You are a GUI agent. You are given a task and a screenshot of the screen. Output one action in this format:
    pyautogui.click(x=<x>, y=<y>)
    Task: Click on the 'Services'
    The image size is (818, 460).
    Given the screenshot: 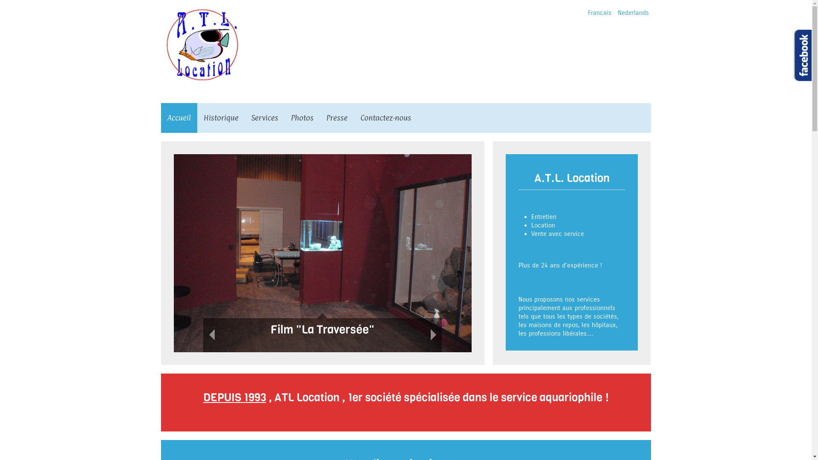 What is the action you would take?
    pyautogui.click(x=264, y=118)
    